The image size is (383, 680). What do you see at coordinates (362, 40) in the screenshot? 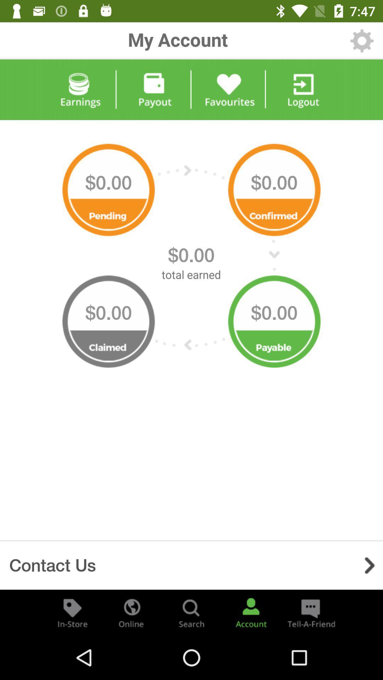
I see `the item to the right of my account item` at bounding box center [362, 40].